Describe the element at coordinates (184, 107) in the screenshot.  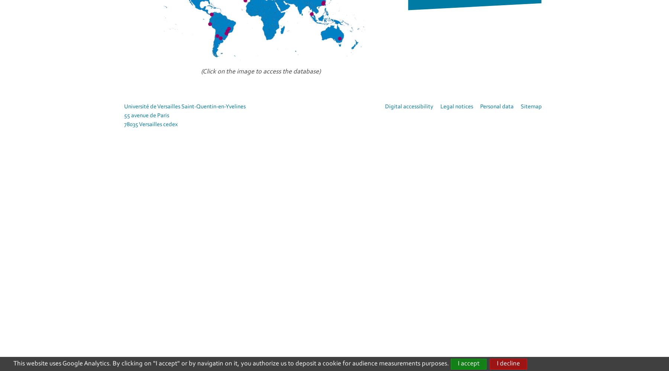
I see `'Université de Versailles Saint-Quentin-en-Yvelines'` at that location.